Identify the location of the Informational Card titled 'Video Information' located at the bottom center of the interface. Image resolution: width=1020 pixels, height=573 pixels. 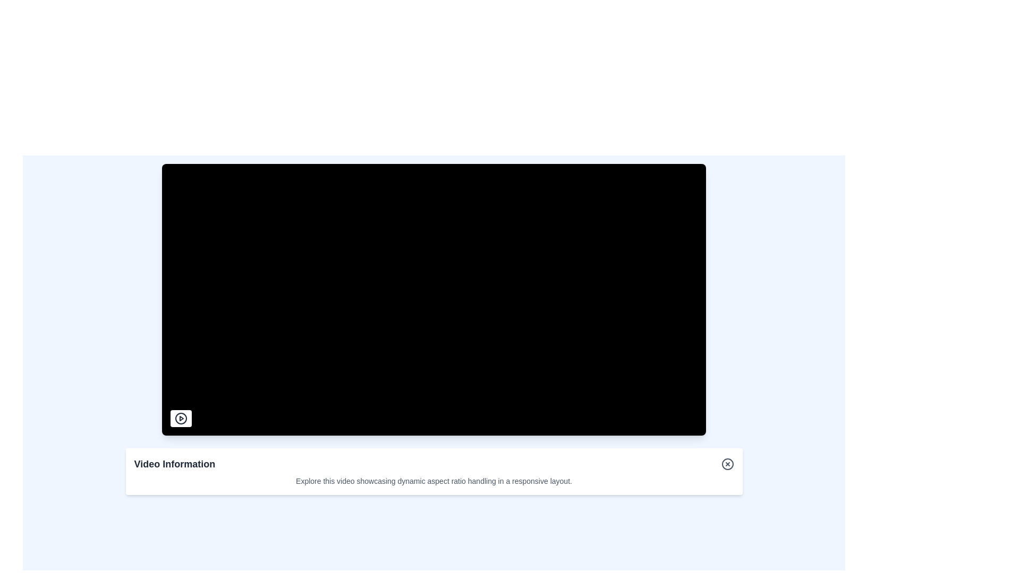
(433, 471).